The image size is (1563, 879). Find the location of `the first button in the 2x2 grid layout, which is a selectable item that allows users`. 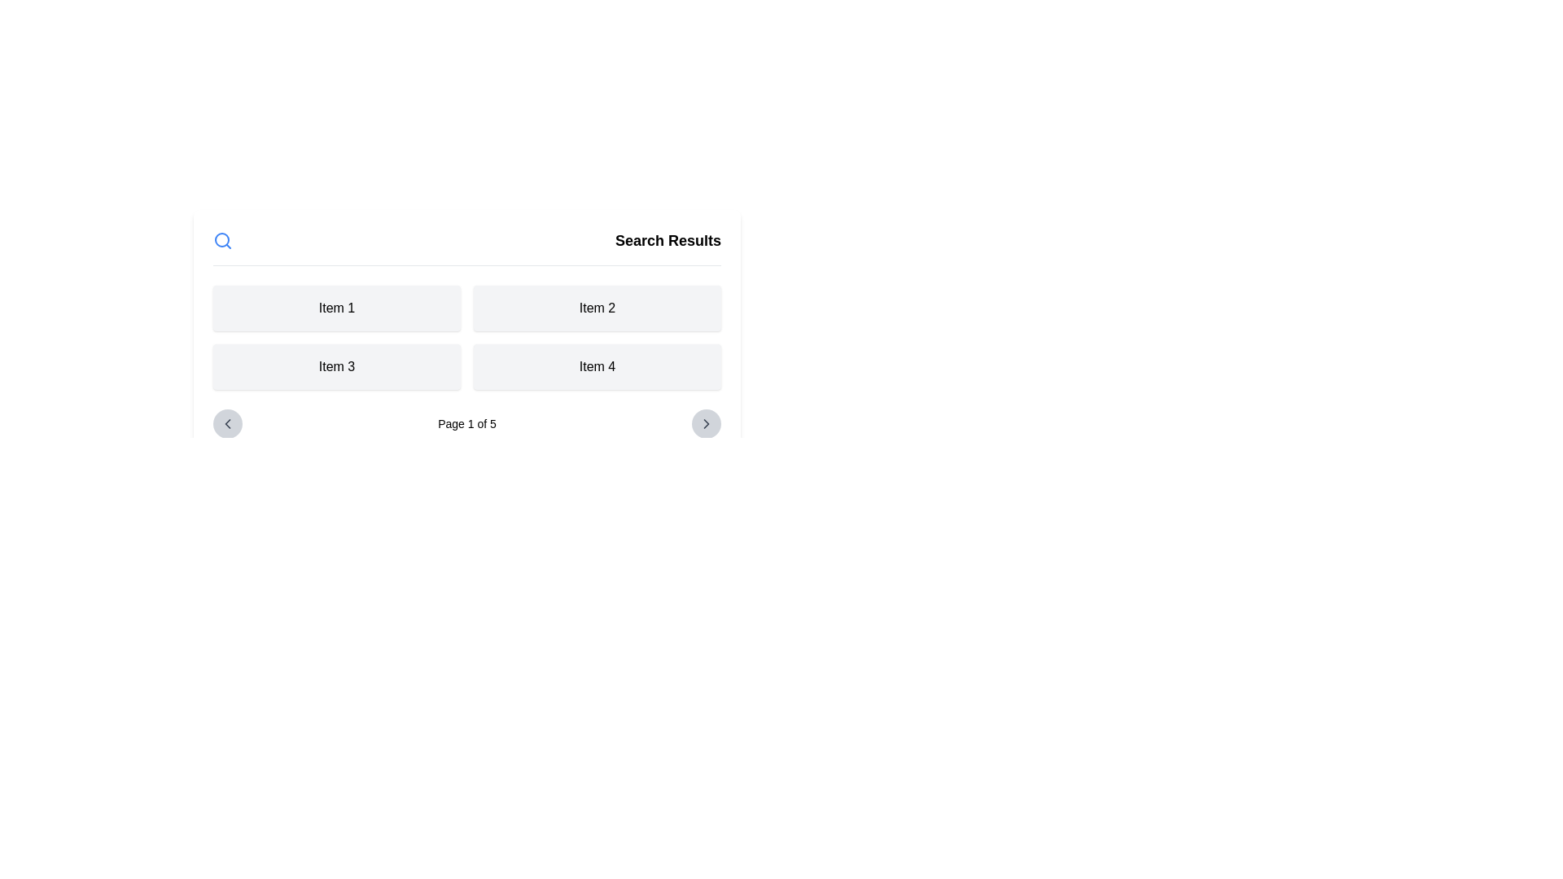

the first button in the 2x2 grid layout, which is a selectable item that allows users is located at coordinates (335, 308).